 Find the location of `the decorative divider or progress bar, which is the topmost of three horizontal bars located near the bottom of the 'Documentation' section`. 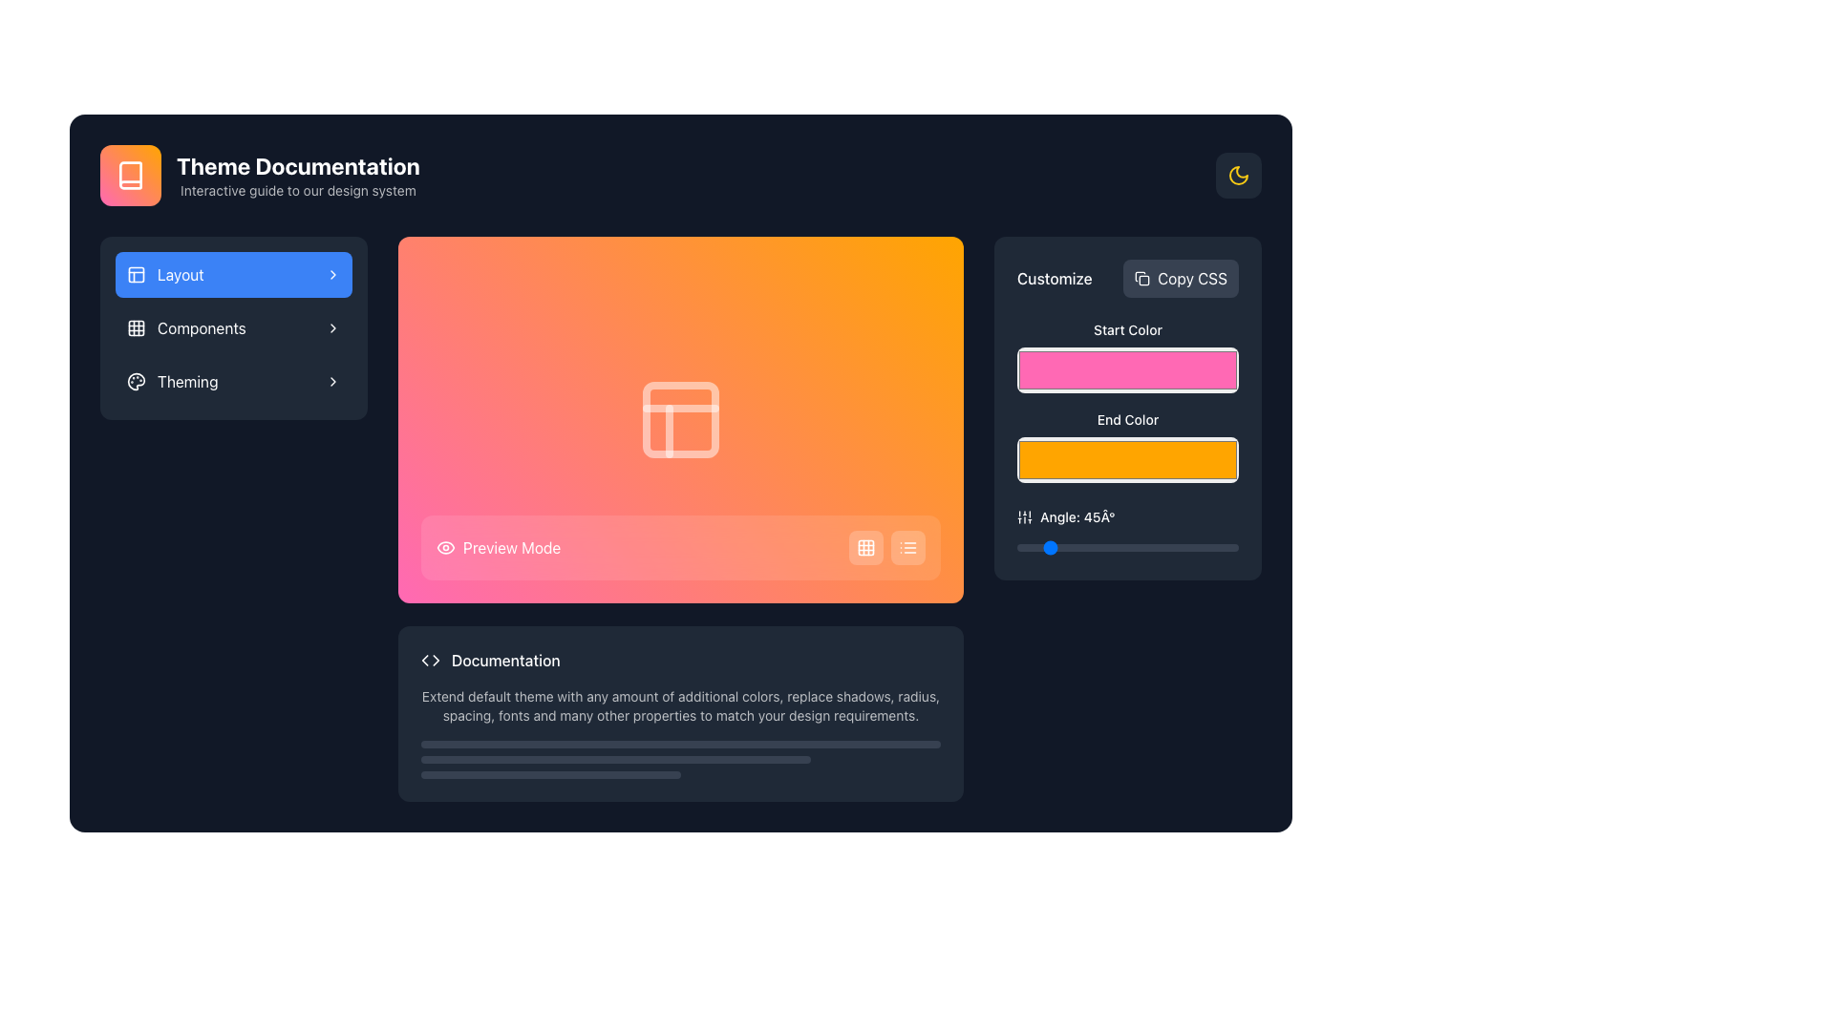

the decorative divider or progress bar, which is the topmost of three horizontal bars located near the bottom of the 'Documentation' section is located at coordinates (681, 743).